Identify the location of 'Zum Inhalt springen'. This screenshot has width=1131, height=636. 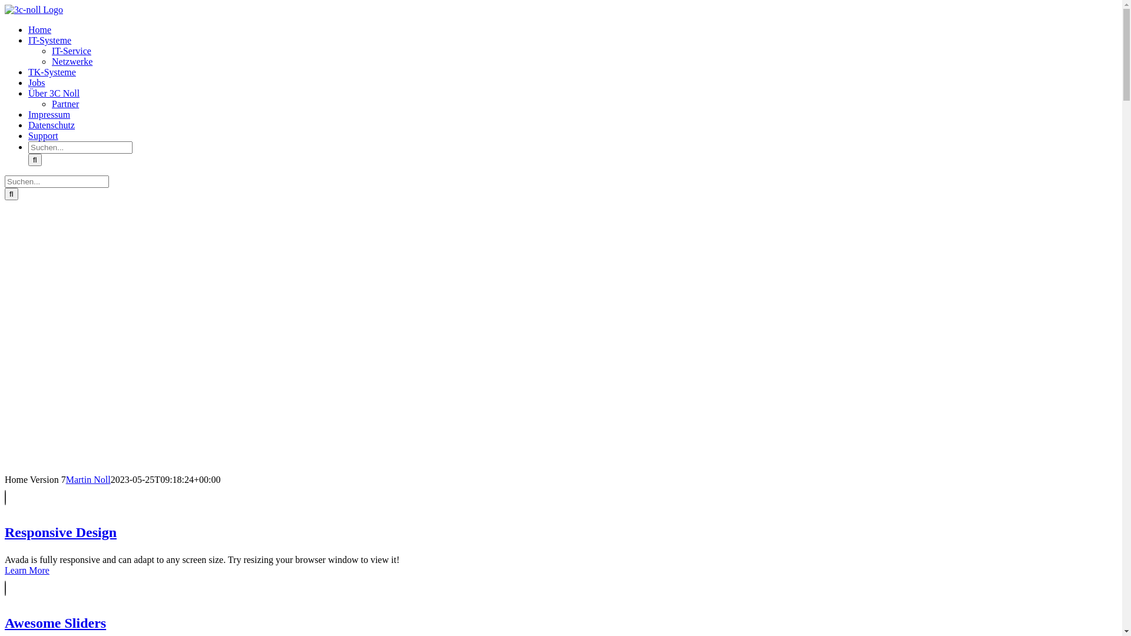
(4, 4).